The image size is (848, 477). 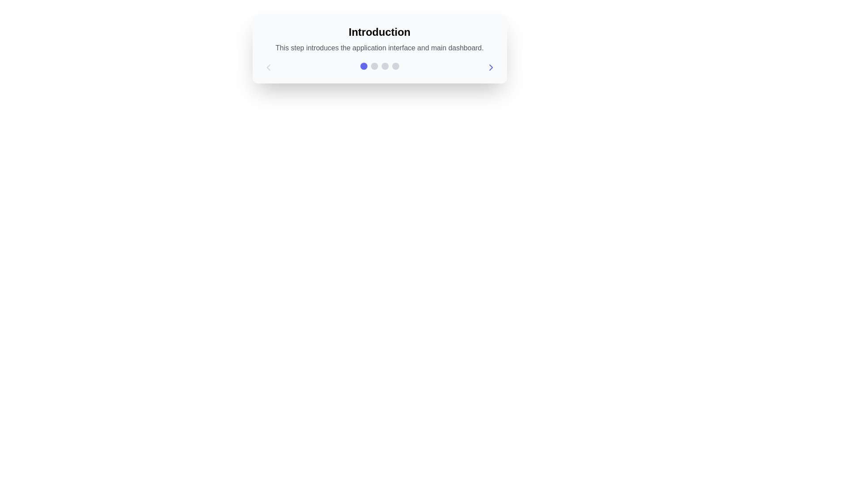 What do you see at coordinates (490, 67) in the screenshot?
I see `the right-facing chevron icon styled in bright indigo color` at bounding box center [490, 67].